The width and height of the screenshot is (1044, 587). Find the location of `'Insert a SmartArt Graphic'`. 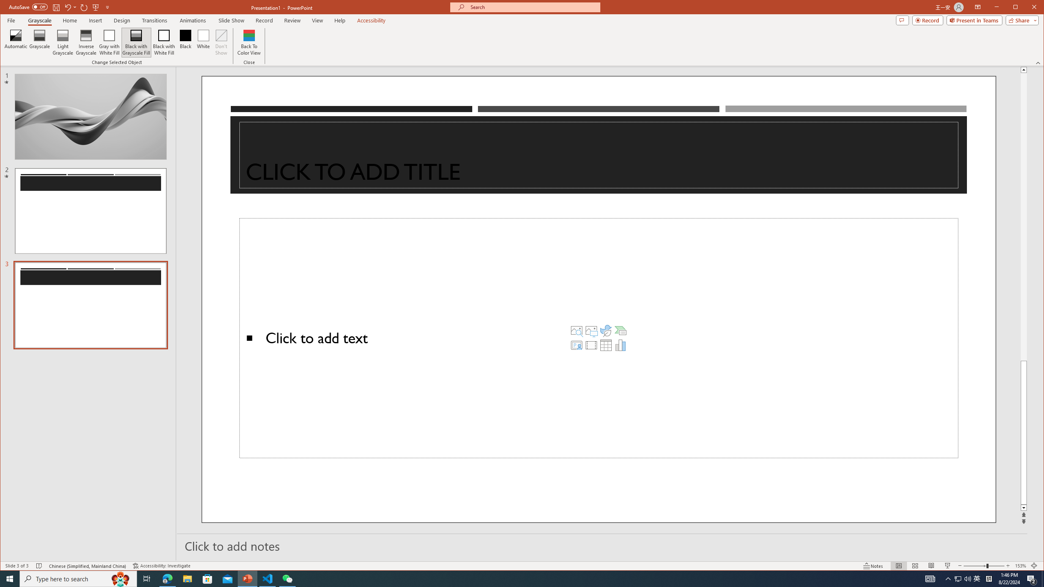

'Insert a SmartArt Graphic' is located at coordinates (620, 330).